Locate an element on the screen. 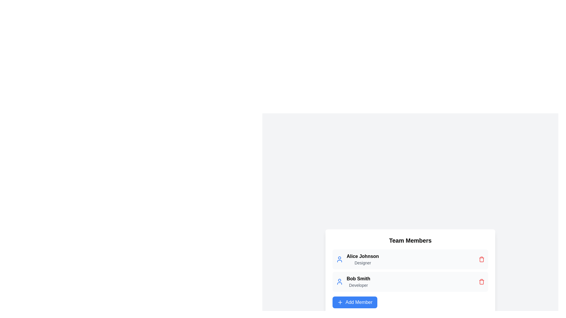 Image resolution: width=566 pixels, height=318 pixels. the delete icon (Trash Can) located at the far right of the second entry in the 'Team Members' list next to 'Bob Smith, Developer' is located at coordinates (481, 281).